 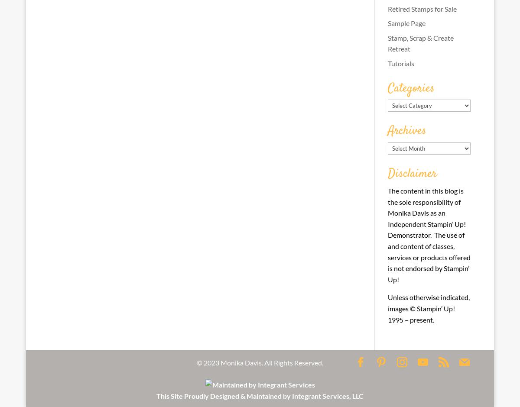 What do you see at coordinates (211, 362) in the screenshot?
I see `'2023'` at bounding box center [211, 362].